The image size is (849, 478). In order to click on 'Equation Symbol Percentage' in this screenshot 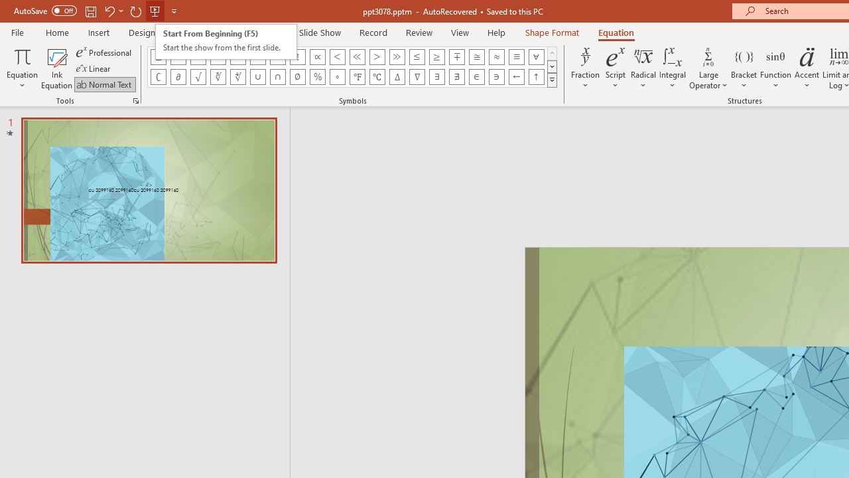, I will do `click(316, 76)`.